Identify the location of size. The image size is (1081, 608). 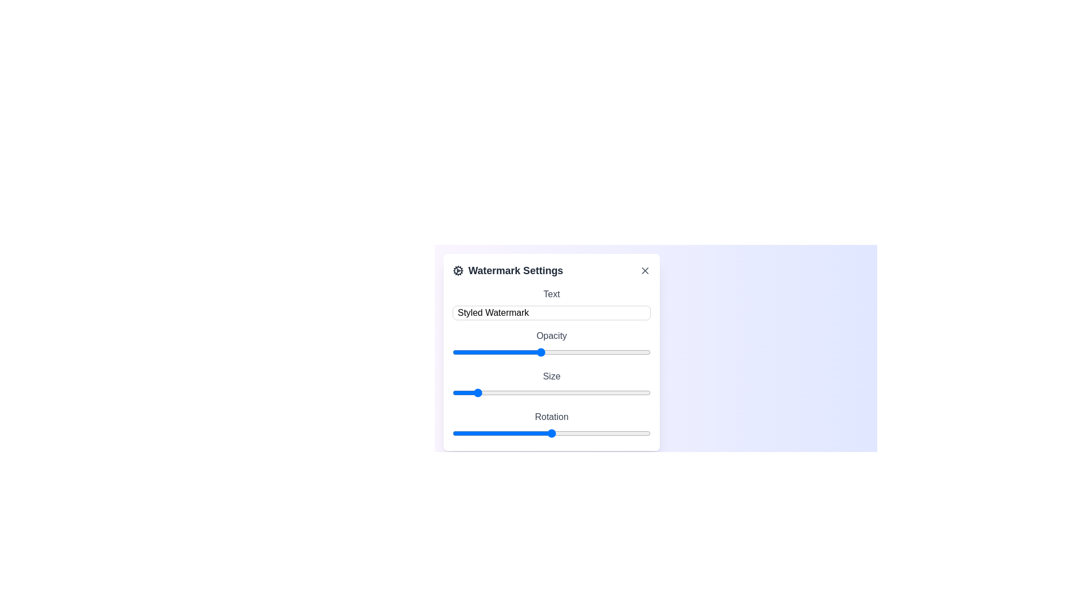
(546, 392).